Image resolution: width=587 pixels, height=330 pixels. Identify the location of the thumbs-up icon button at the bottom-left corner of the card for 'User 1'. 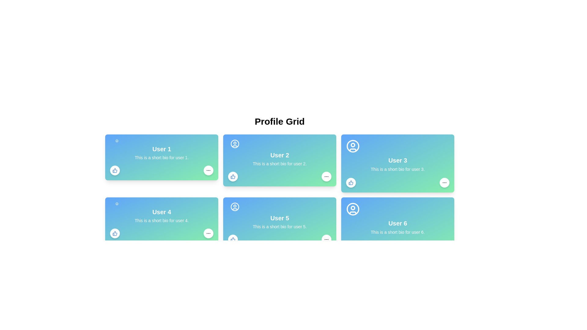
(115, 233).